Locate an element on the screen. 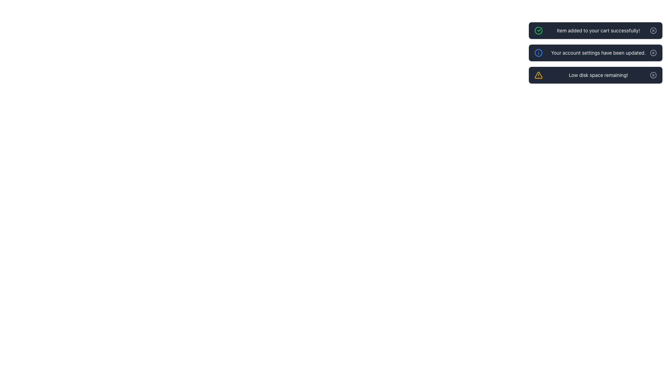 The width and height of the screenshot is (668, 376). the circular icon button with a light gray border and a central cross mark is located at coordinates (653, 30).